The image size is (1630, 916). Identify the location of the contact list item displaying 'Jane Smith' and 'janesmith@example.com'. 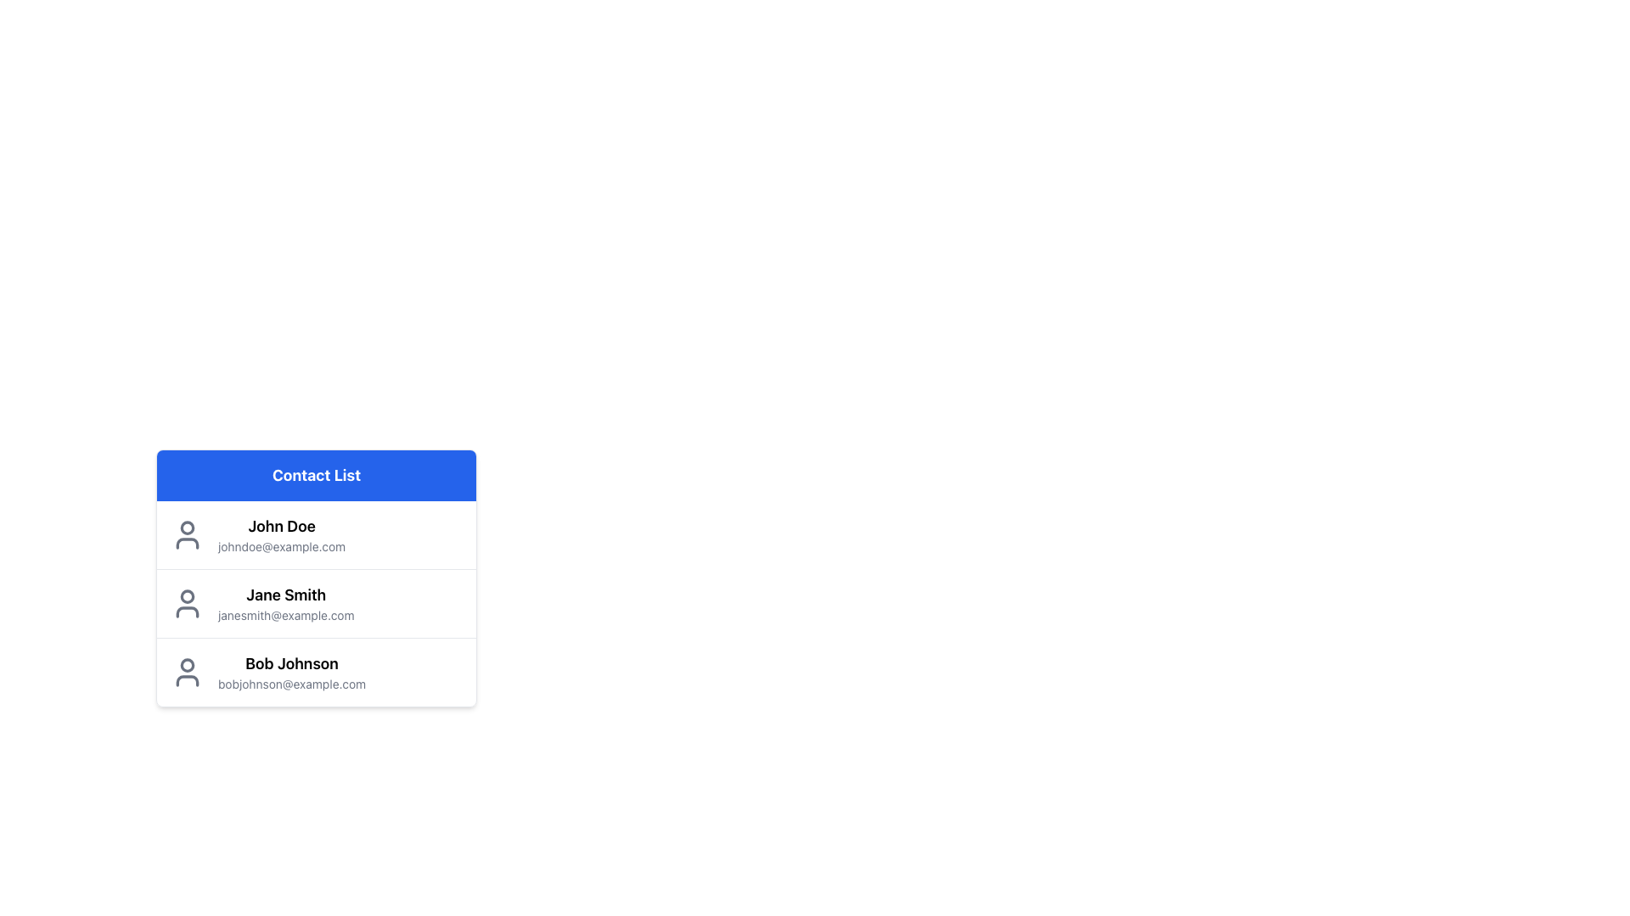
(317, 601).